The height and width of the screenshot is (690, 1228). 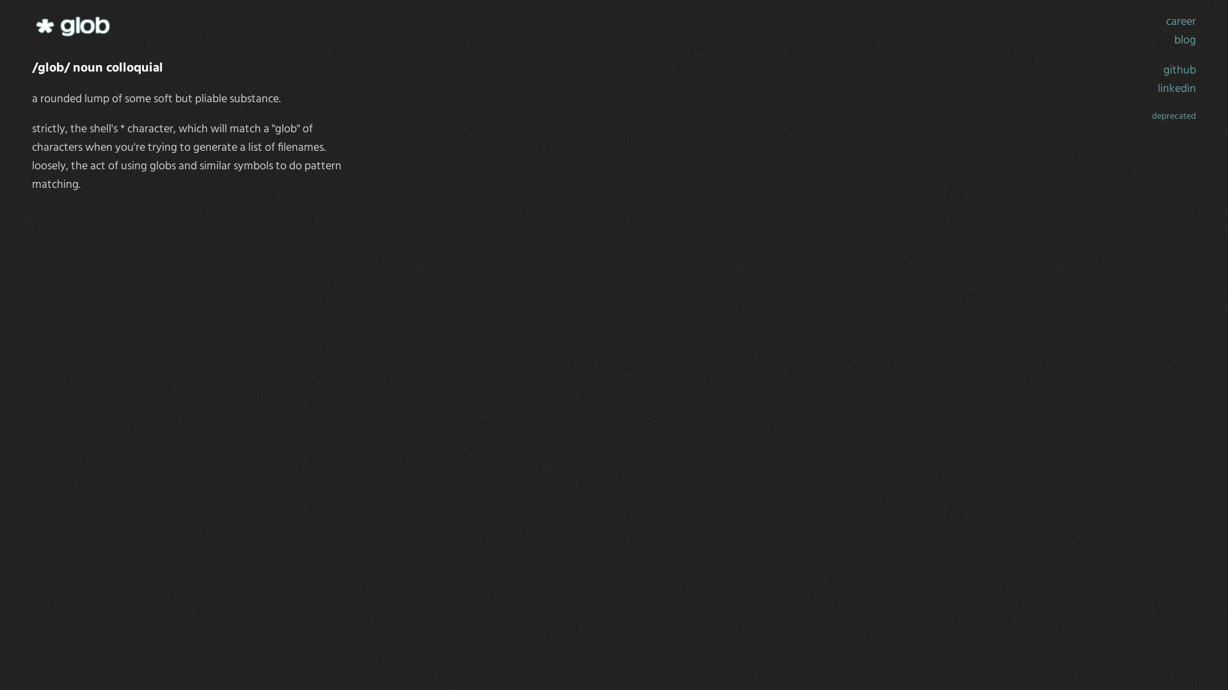 What do you see at coordinates (1163, 70) in the screenshot?
I see `'github'` at bounding box center [1163, 70].